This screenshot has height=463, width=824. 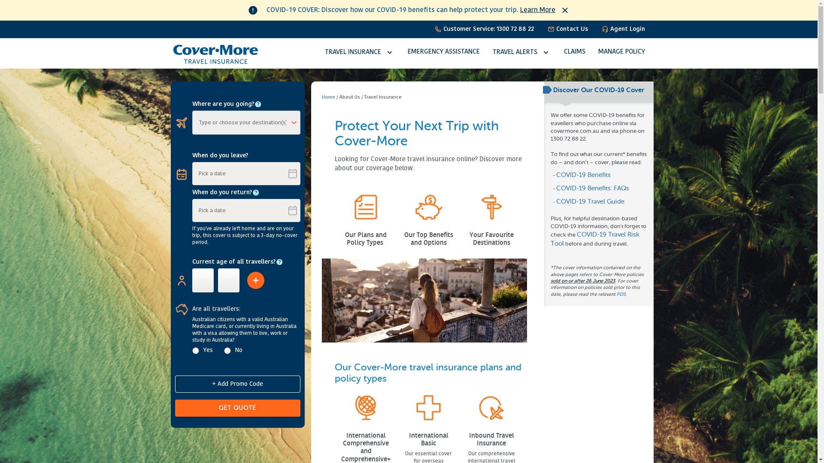 I want to click on 'COVID-19 Benefits', so click(x=583, y=174).